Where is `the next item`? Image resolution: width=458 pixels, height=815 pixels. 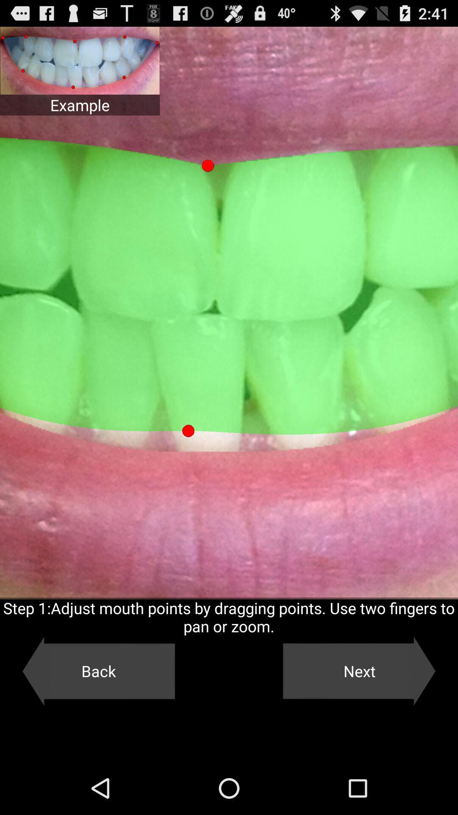
the next item is located at coordinates (359, 671).